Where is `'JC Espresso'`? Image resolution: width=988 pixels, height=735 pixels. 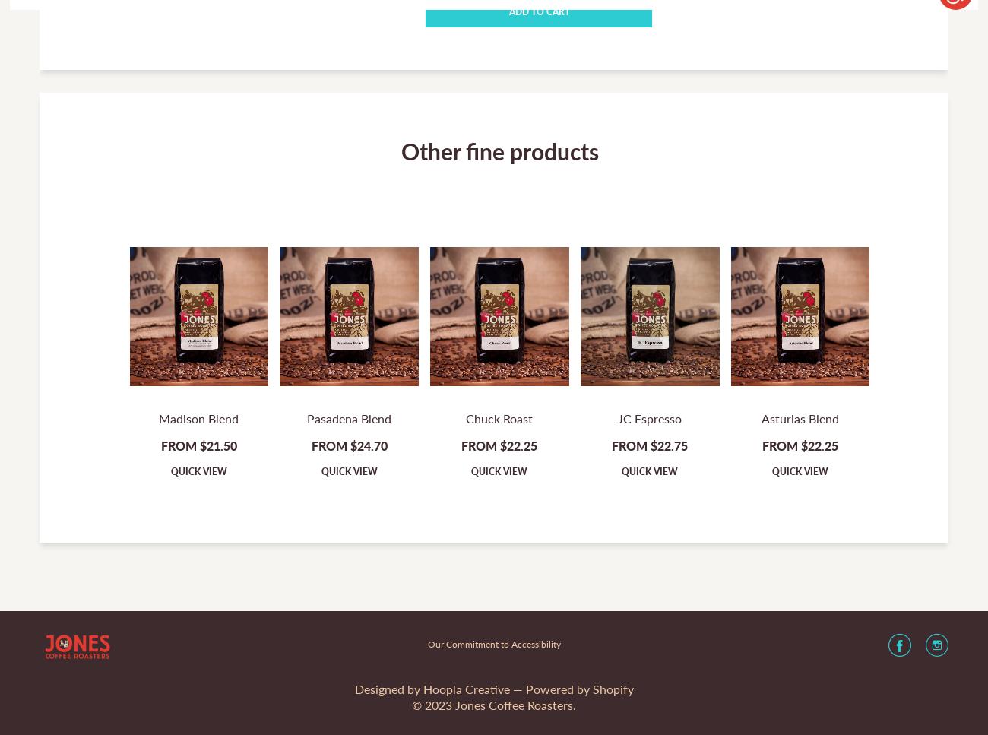
'JC Espresso' is located at coordinates (650, 418).